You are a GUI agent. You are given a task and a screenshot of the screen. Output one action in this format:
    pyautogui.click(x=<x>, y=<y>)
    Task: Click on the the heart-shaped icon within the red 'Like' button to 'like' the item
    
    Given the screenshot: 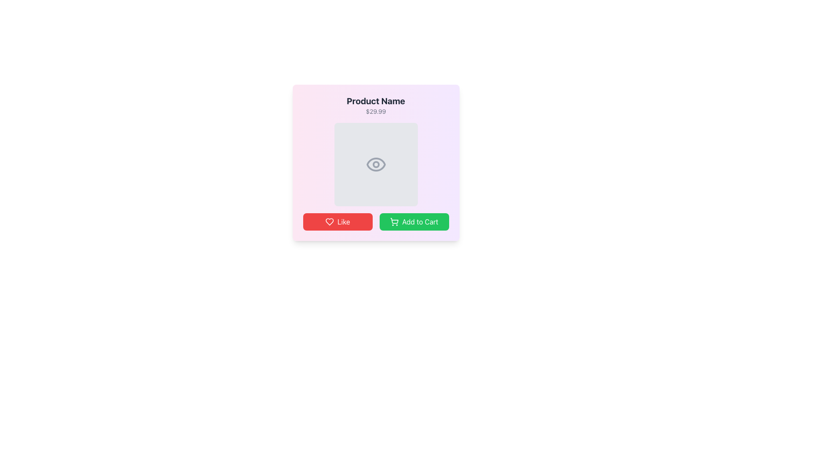 What is the action you would take?
    pyautogui.click(x=329, y=221)
    